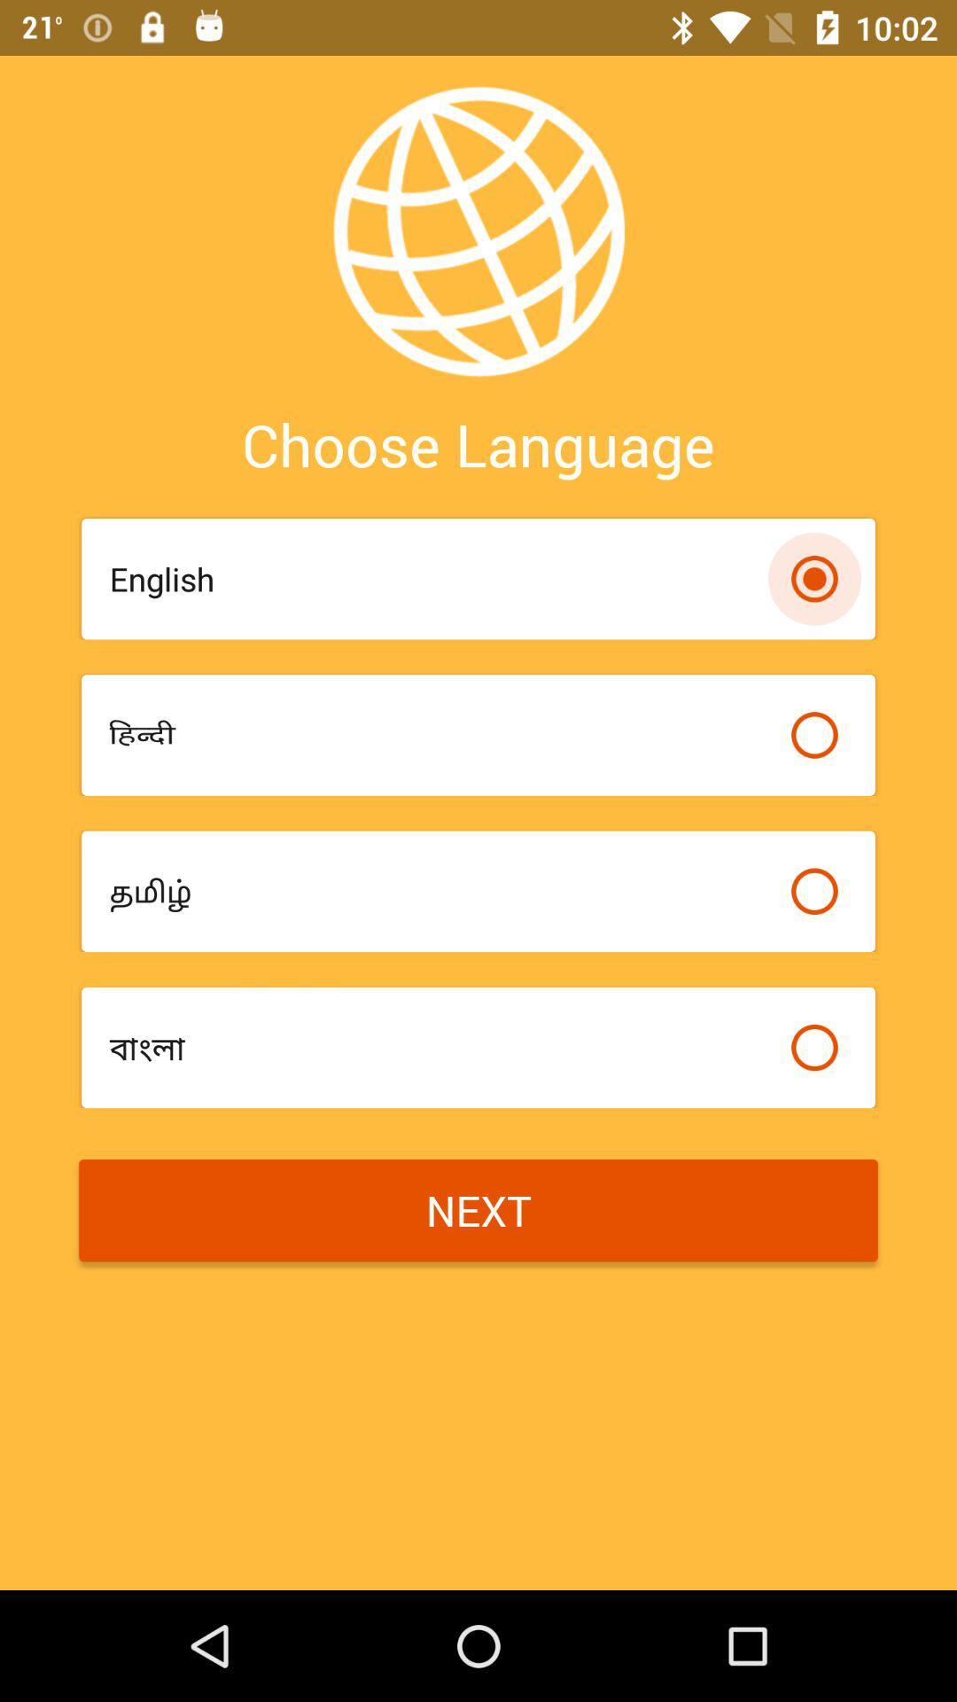 This screenshot has height=1702, width=957. I want to click on language, so click(814, 1047).